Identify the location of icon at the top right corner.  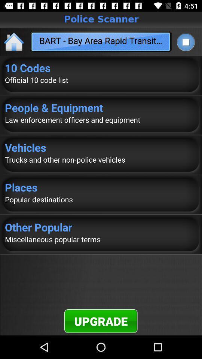
(185, 42).